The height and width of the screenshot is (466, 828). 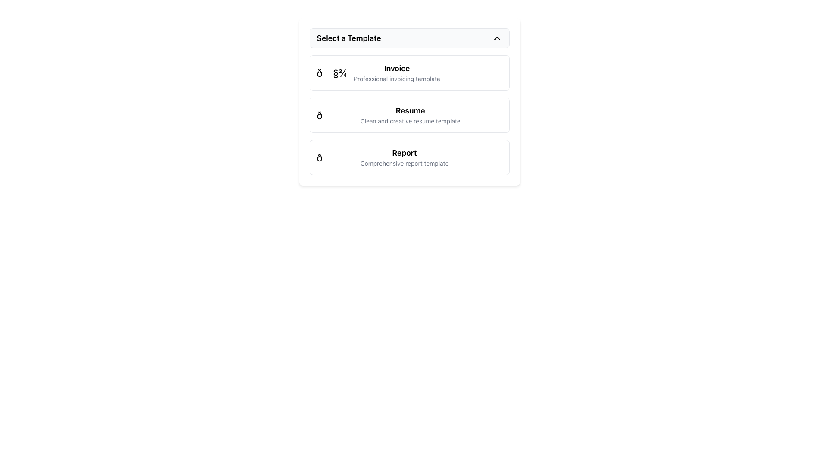 I want to click on the Text Label Group containing the bolded word 'Report' and the smaller text 'Comprehensive report template', which is the third element in a vertical list beneath the 'Resume' option, so click(x=404, y=157).